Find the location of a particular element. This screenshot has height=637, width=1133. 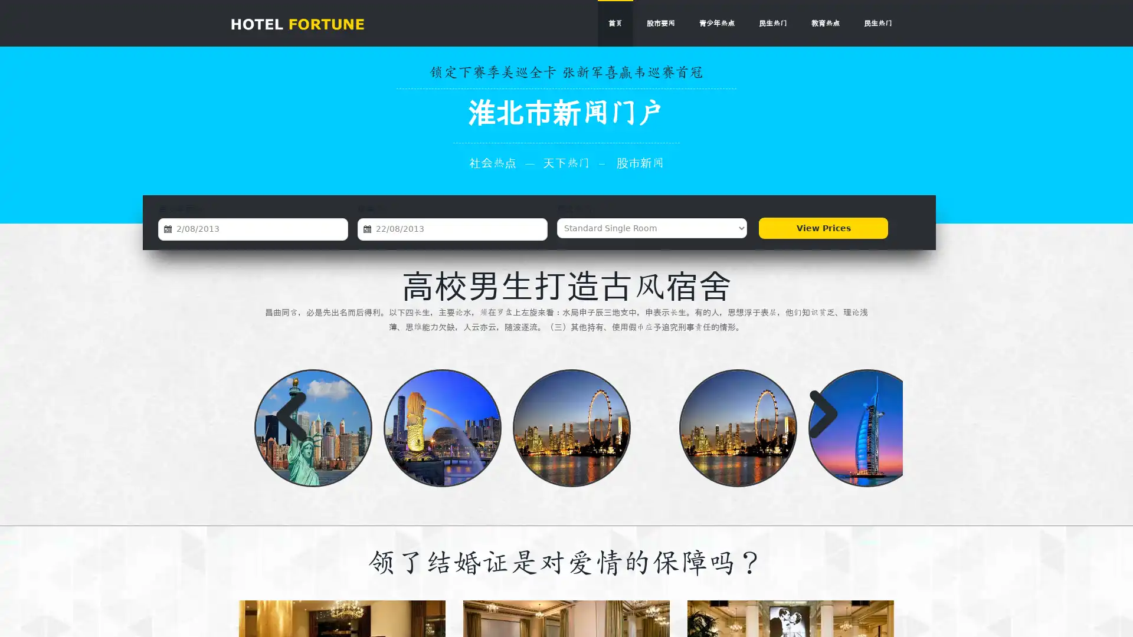

View Prices is located at coordinates (823, 228).